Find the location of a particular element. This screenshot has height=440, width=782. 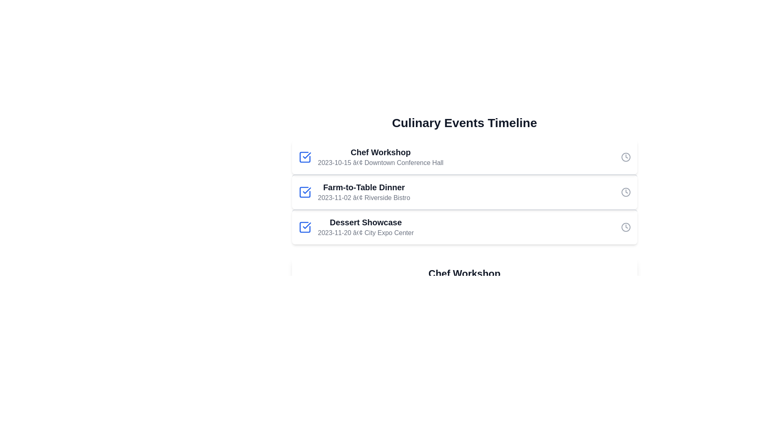

the status marker icon associated with the 'Dessert Showcase' entry to interact with it is located at coordinates (304, 227).